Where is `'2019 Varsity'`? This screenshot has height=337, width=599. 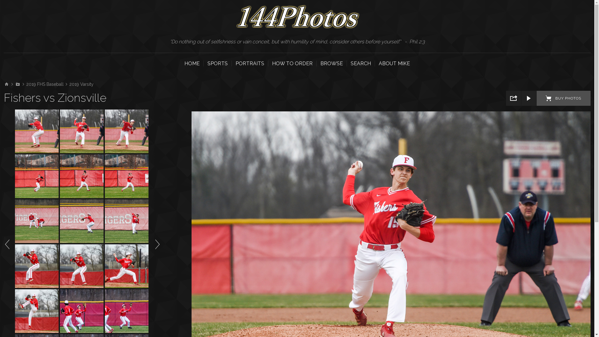 '2019 Varsity' is located at coordinates (69, 84).